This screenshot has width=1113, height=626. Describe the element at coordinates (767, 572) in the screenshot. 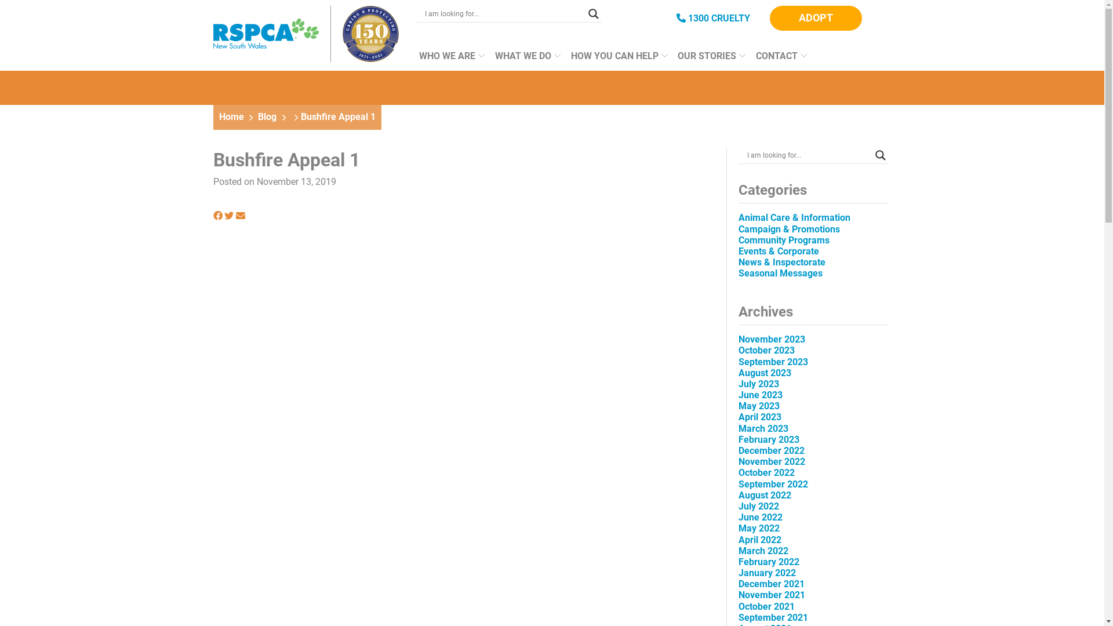

I see `'January 2022'` at that location.